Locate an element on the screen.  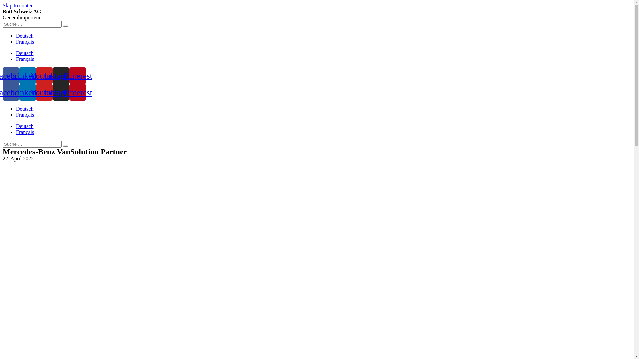
'Youtube' is located at coordinates (44, 75).